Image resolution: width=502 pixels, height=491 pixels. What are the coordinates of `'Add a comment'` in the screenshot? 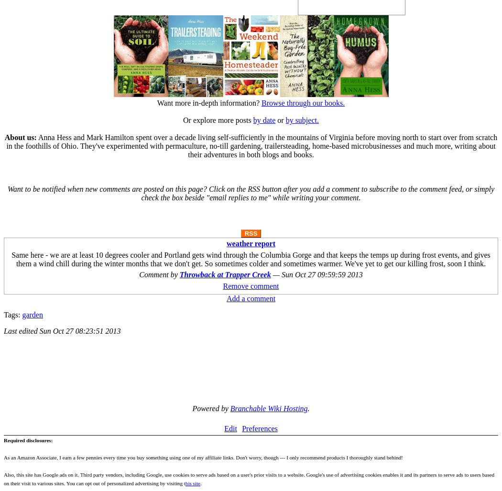 It's located at (226, 298).